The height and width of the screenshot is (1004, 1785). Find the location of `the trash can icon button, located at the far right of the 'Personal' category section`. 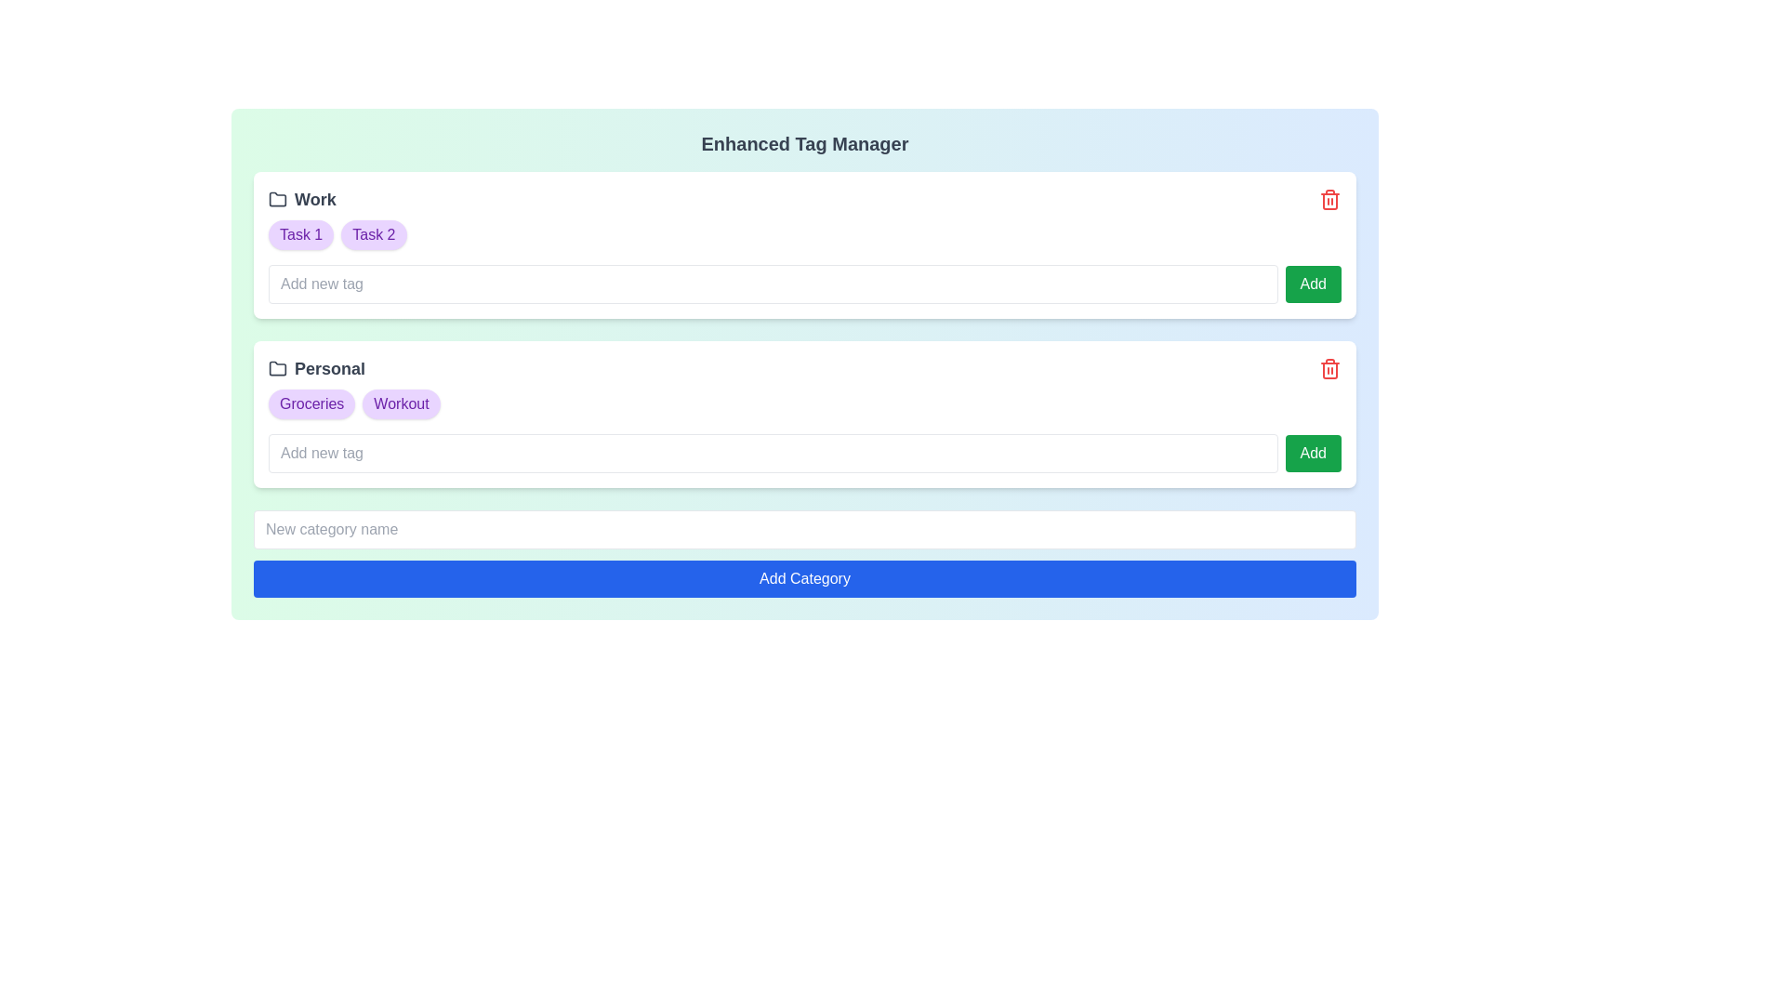

the trash can icon button, located at the far right of the 'Personal' category section is located at coordinates (1329, 369).